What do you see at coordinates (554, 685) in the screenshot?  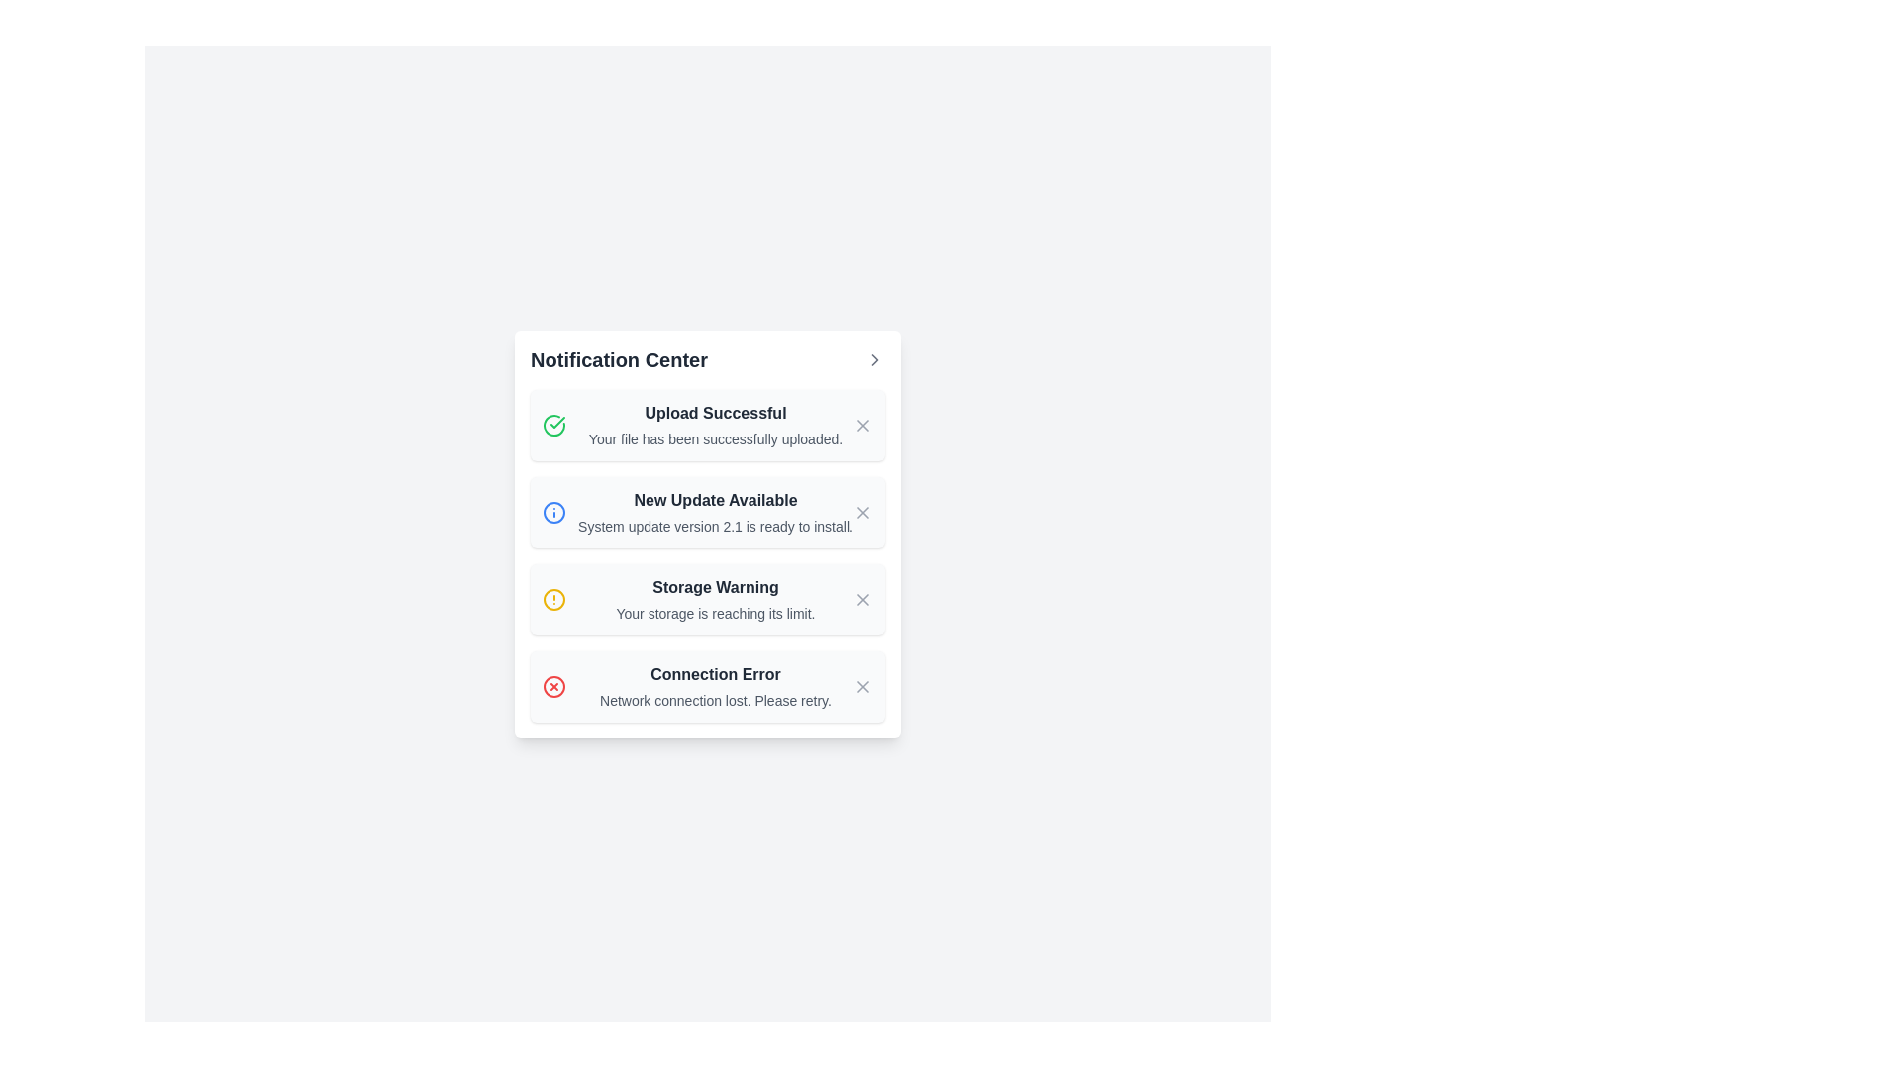 I see `the dismissive action SVG graphic element associated with the 'Connection Error' notification` at bounding box center [554, 685].